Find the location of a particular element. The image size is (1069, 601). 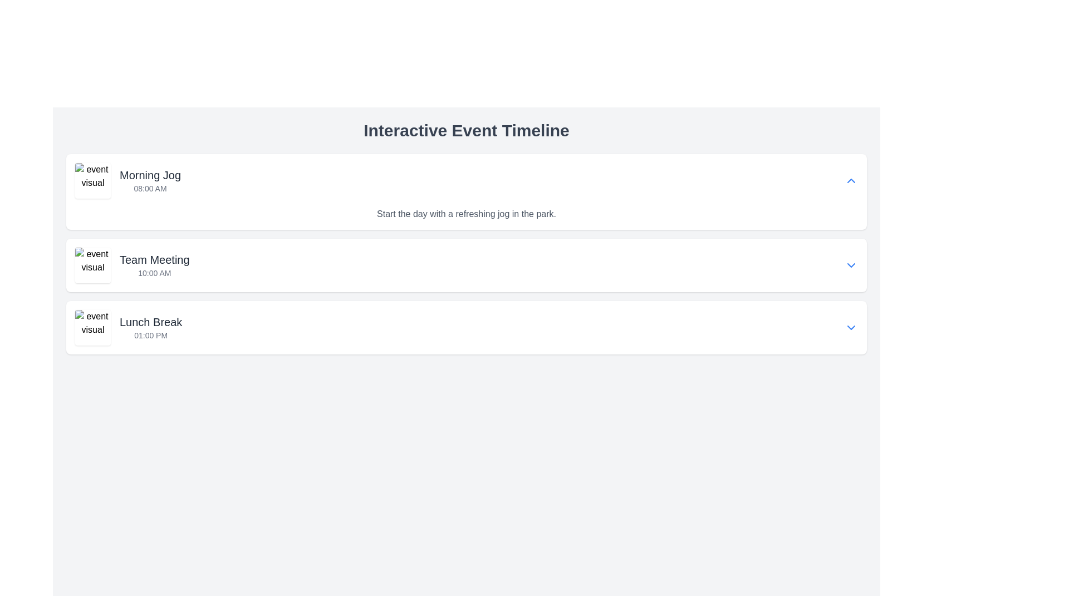

the square image with rounded corners that represents the 'Lunch Break' event entry in the interactive event timeline is located at coordinates (93, 327).